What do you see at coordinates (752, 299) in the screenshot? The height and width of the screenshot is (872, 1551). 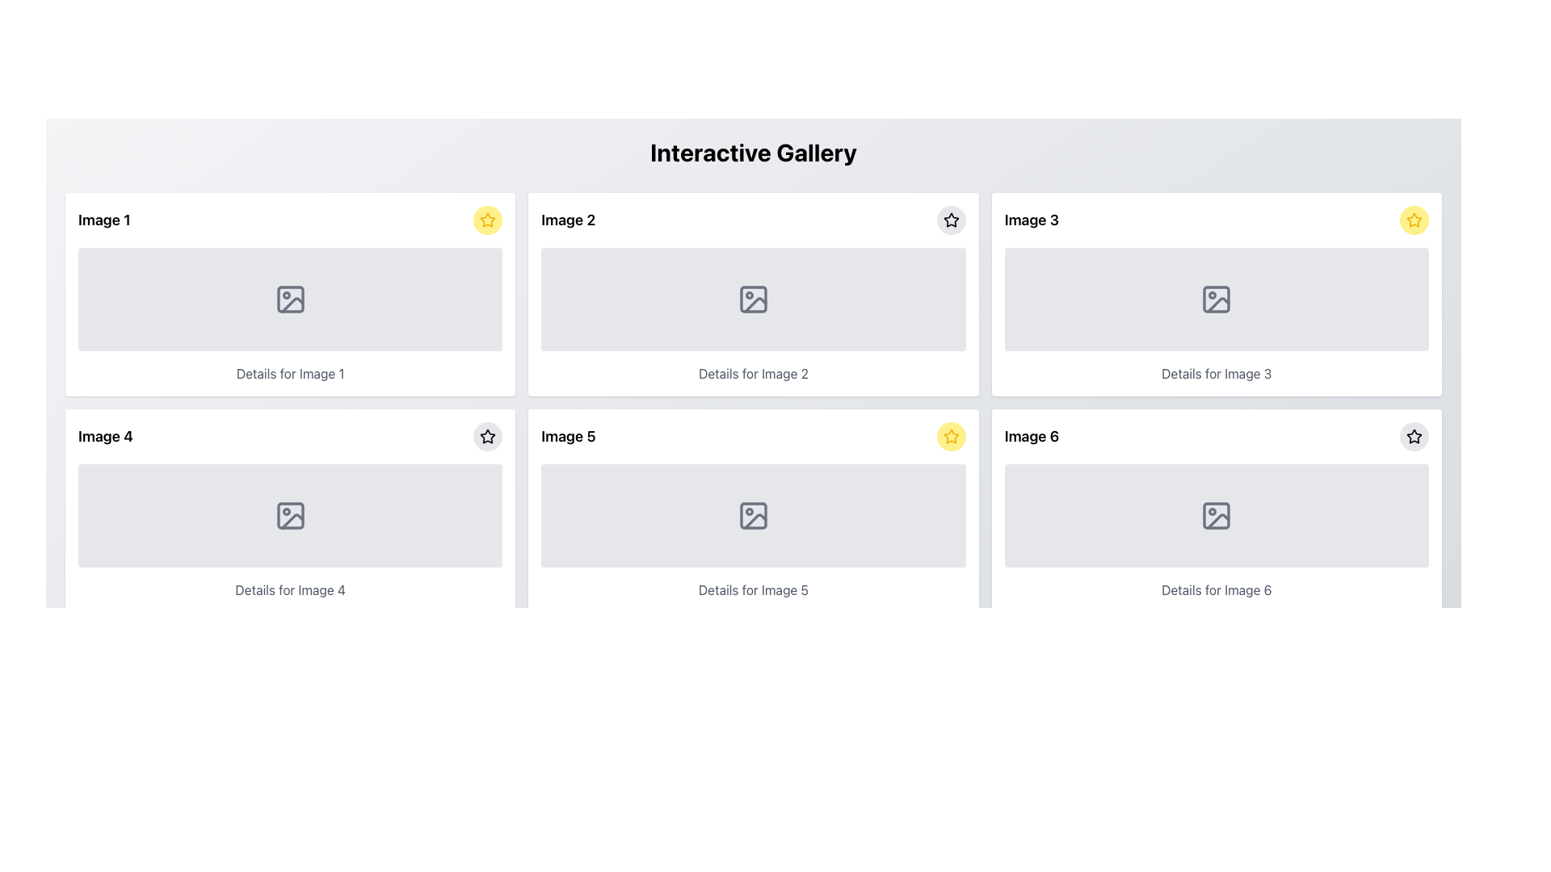 I see `the image placeholder icon located in the 'Image 2' card in the second column of the top row within the interactive gallery grid, which is centered in a light gray background` at bounding box center [752, 299].